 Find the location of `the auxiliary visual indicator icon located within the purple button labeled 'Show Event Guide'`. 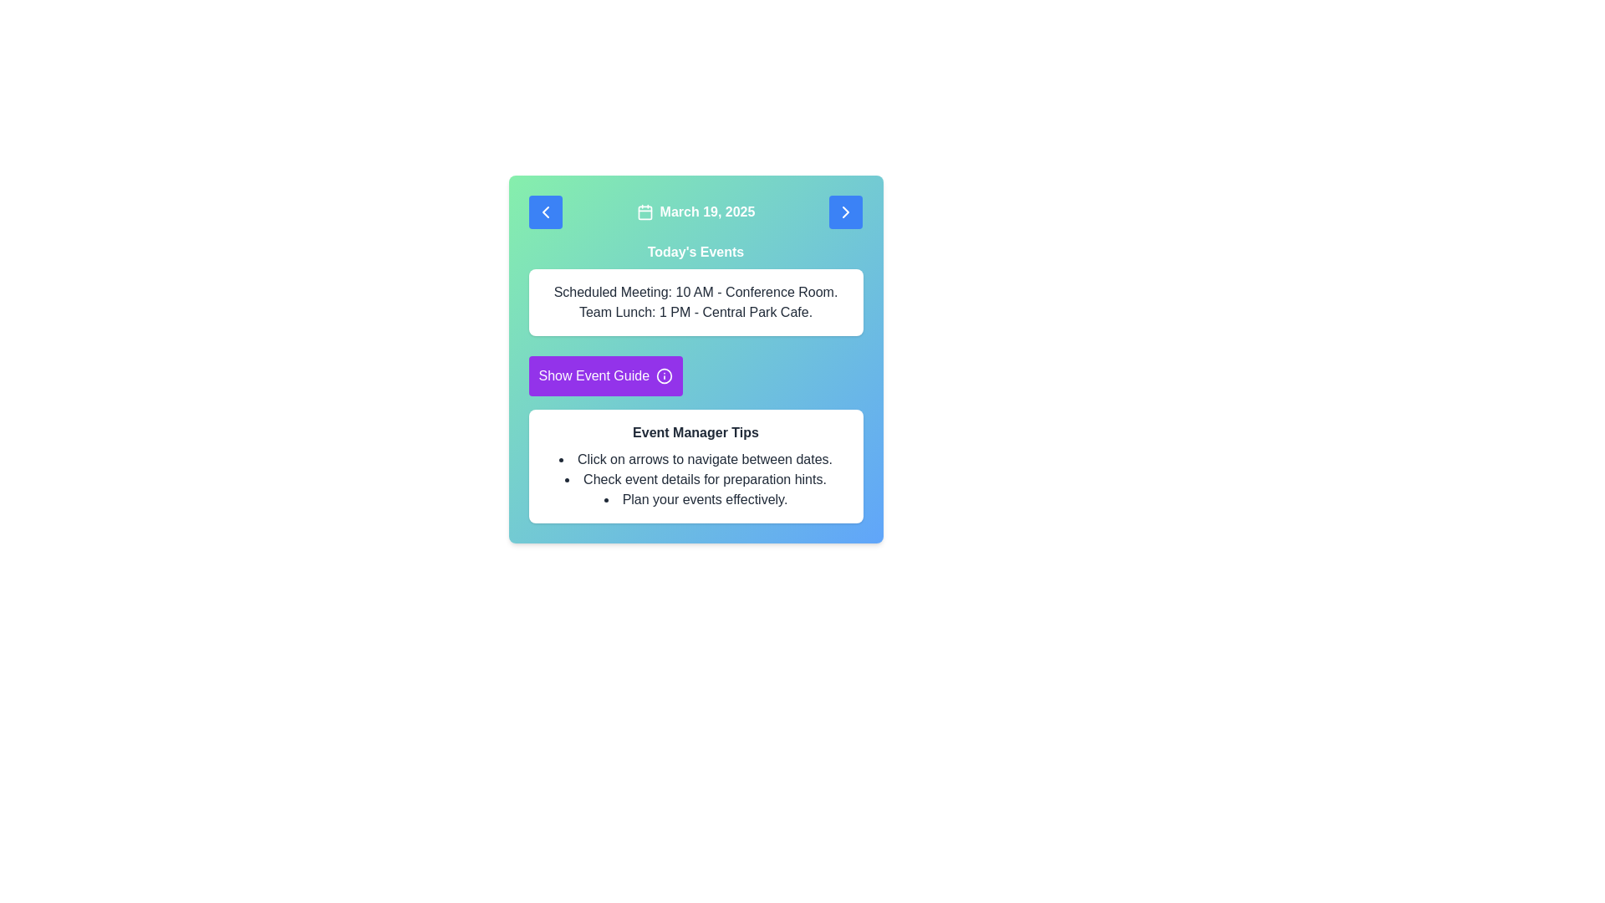

the auxiliary visual indicator icon located within the purple button labeled 'Show Event Guide' is located at coordinates (664, 376).